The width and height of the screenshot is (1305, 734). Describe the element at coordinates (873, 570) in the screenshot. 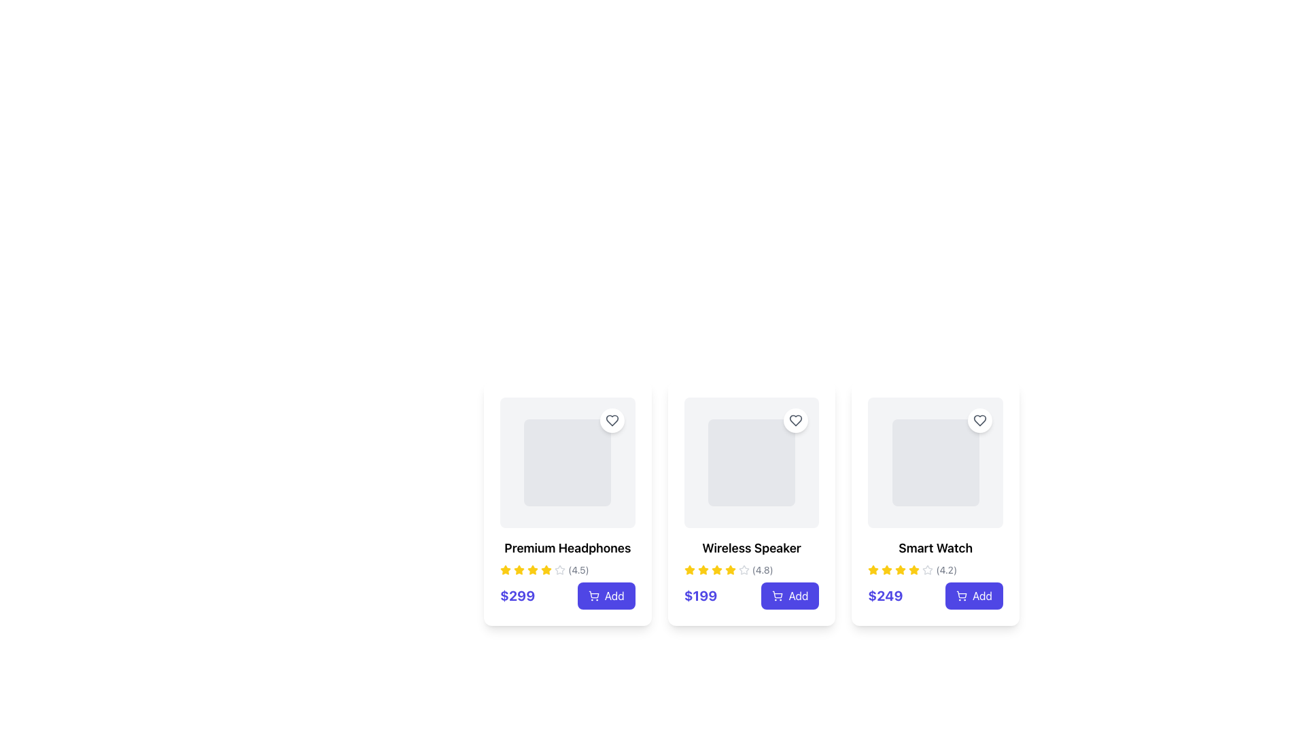

I see `the yellow star icon, which is the first star in the rating display section of the 'Smart Watch' product card, positioned below the product image and above the price label` at that location.